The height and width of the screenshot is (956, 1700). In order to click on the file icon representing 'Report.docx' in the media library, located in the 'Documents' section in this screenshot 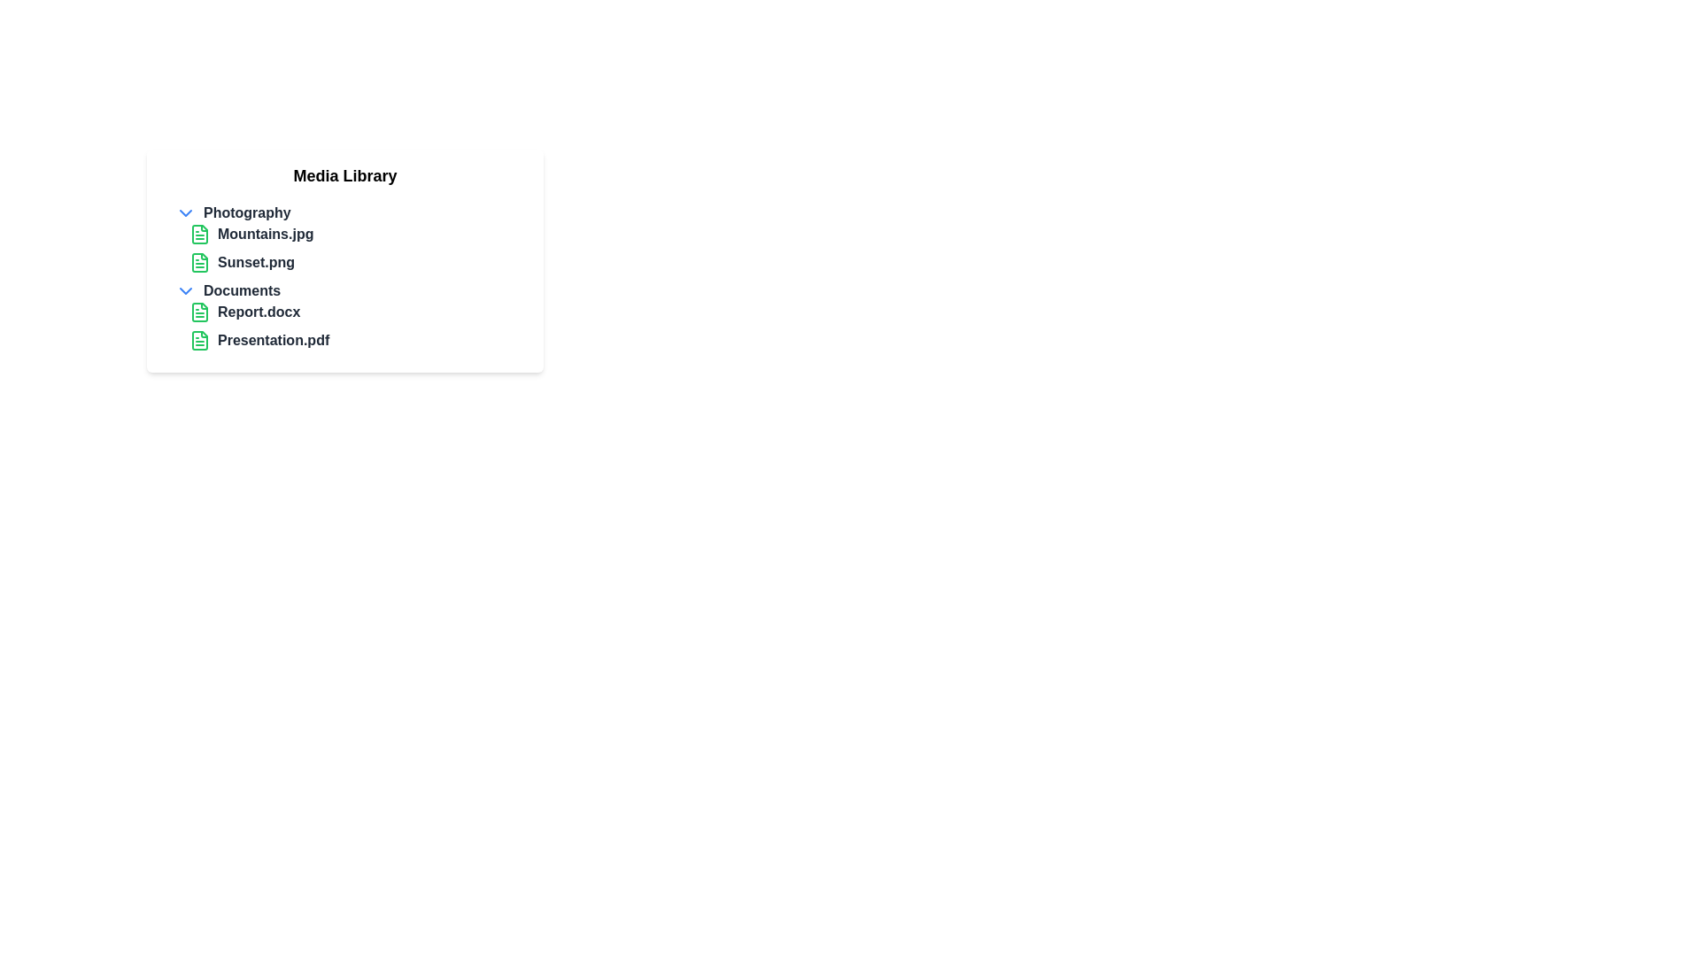, I will do `click(199, 312)`.